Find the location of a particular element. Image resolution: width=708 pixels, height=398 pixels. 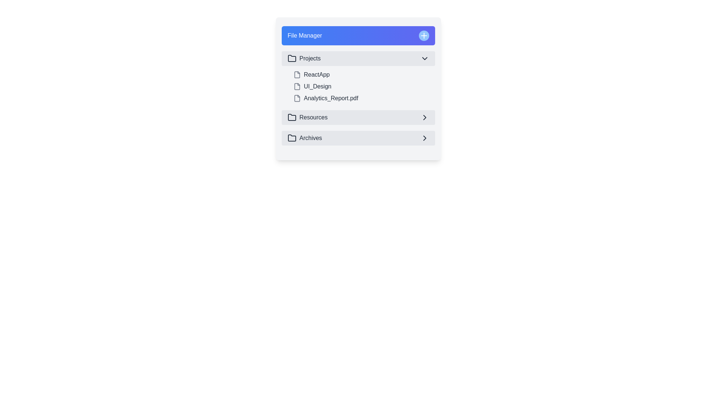

the text label located on the left side of the blue-gradient header section at the top center of the layout, which provides context for file management is located at coordinates (305, 35).